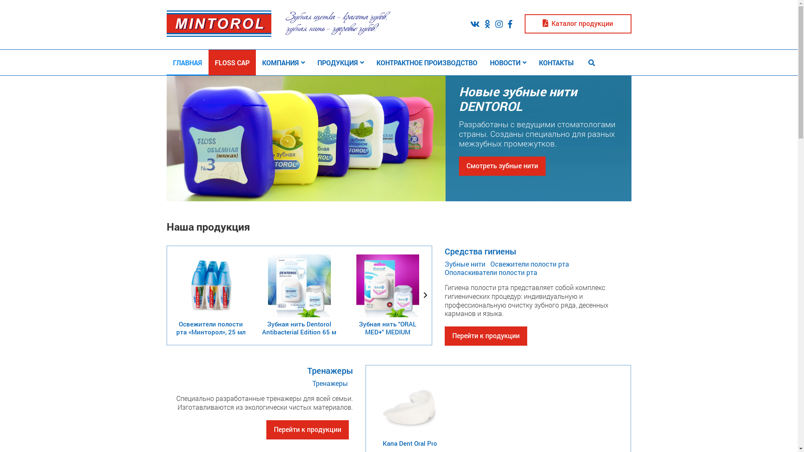  I want to click on 'FLOSS CAP', so click(232, 62).